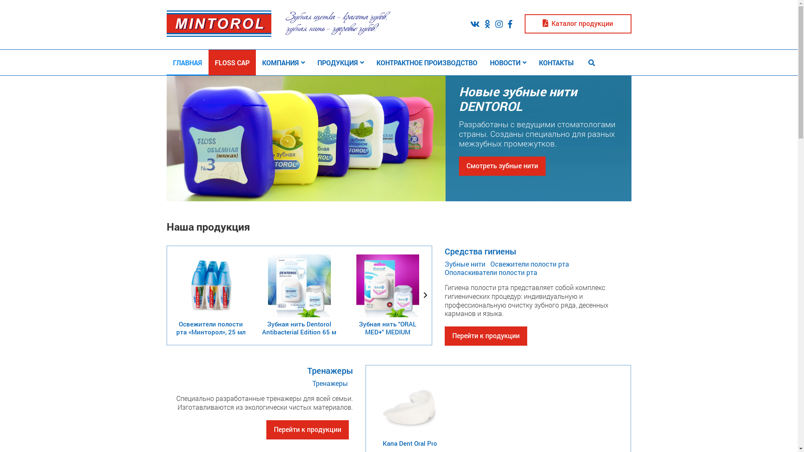  I want to click on 'FLOSS CAP', so click(232, 62).